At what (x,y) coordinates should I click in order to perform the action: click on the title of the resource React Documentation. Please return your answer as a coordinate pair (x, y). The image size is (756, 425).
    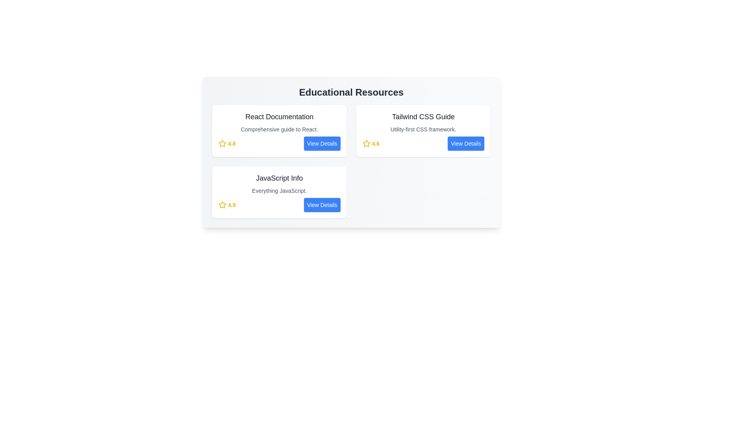
    Looking at the image, I should click on (279, 117).